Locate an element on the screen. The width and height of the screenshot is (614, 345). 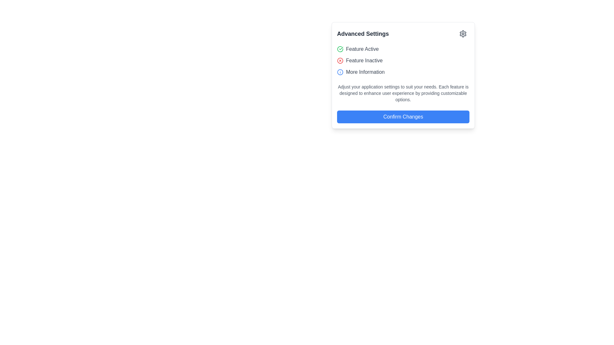
the gear icon located at the top-right corner of the modal is located at coordinates (463, 34).